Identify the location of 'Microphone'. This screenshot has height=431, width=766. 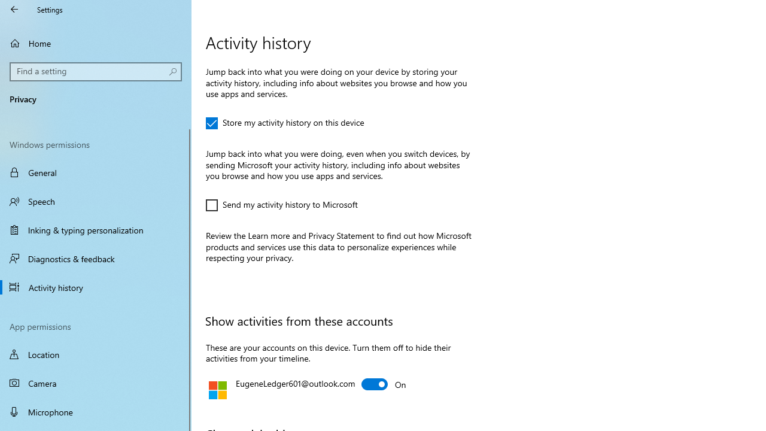
(96, 411).